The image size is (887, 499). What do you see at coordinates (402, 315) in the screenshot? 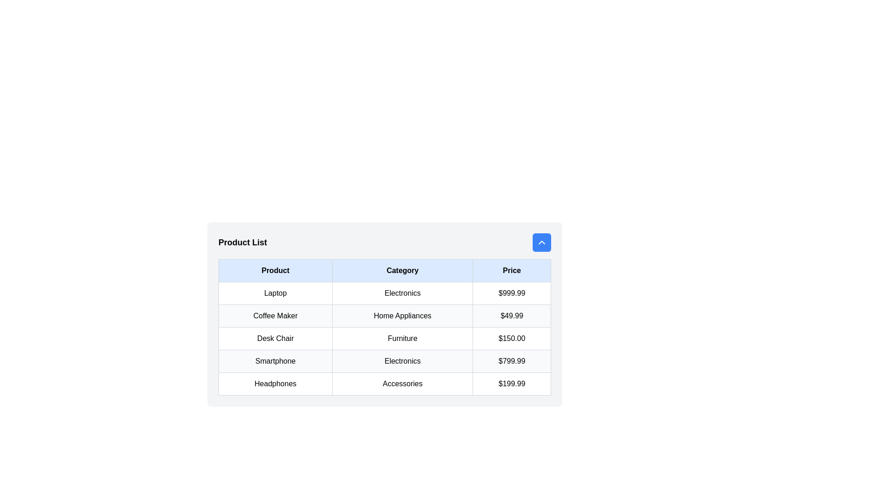
I see `text label that says 'Home Appliances' located in the second cell of the 'Category' column in the table, bordered with a gray line` at bounding box center [402, 315].